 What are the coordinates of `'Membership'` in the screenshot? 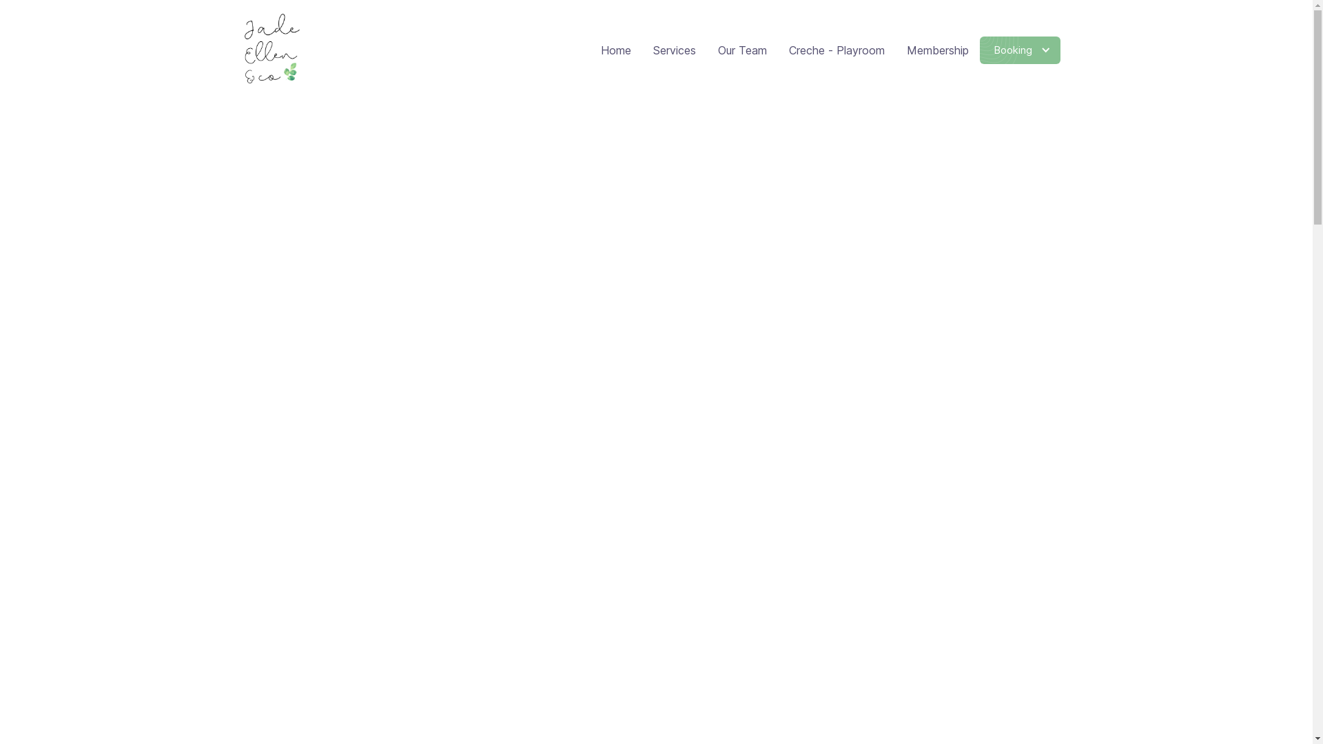 It's located at (937, 50).